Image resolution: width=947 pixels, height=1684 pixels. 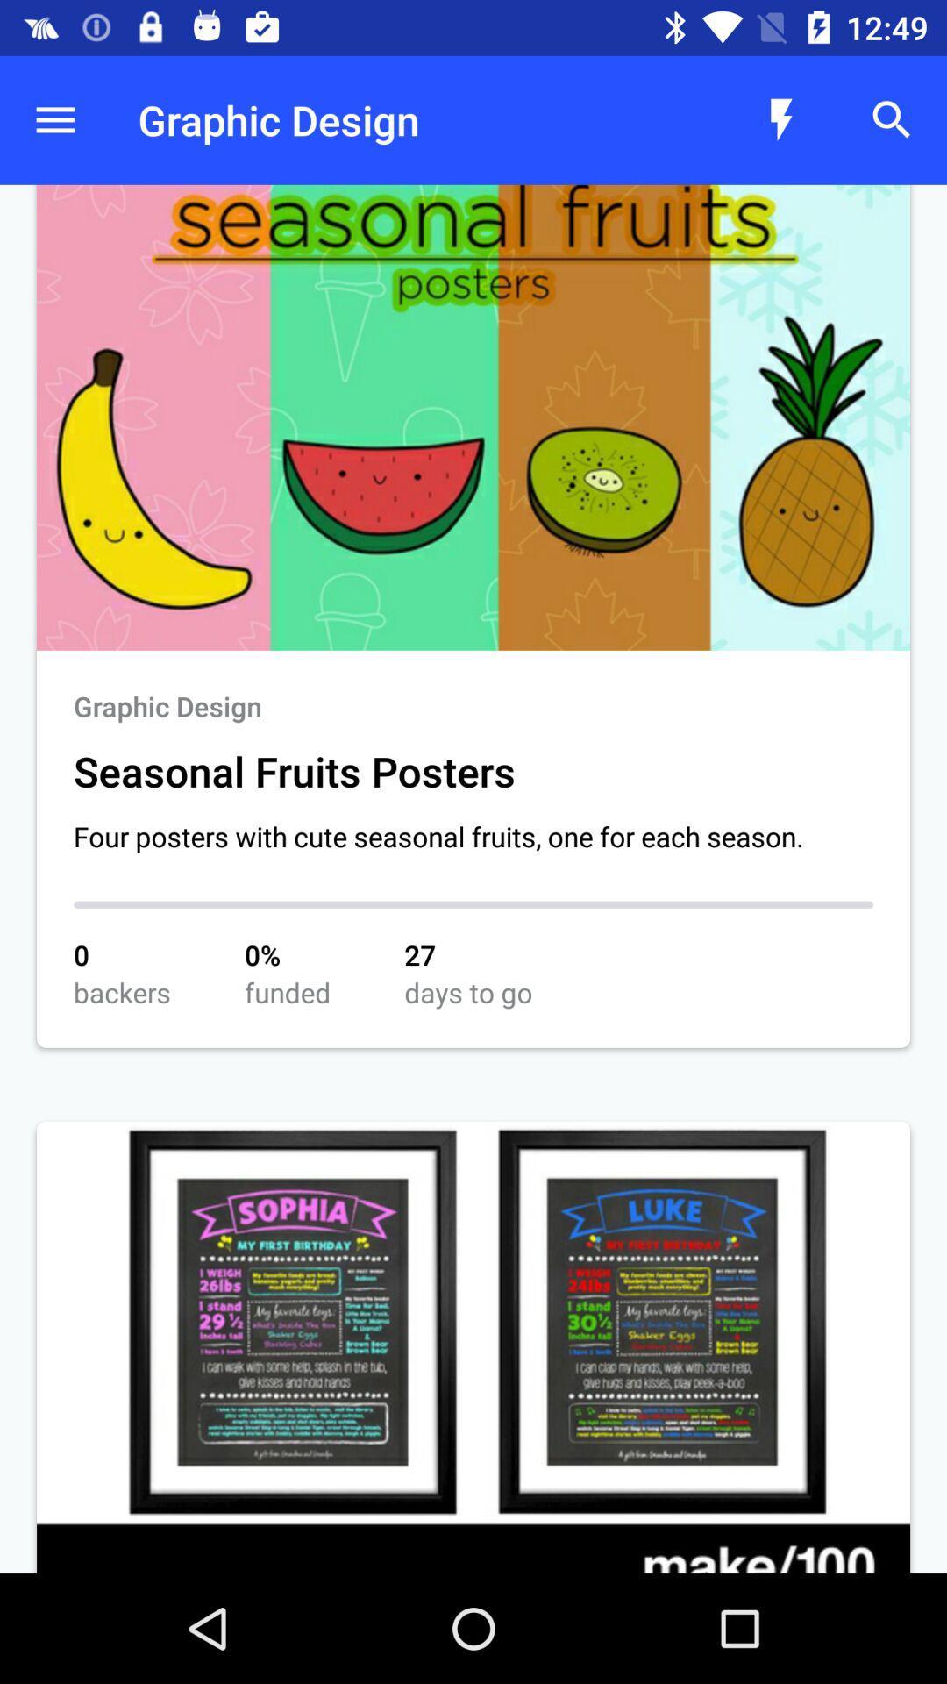 I want to click on the icon which is left to search icon, so click(x=780, y=119).